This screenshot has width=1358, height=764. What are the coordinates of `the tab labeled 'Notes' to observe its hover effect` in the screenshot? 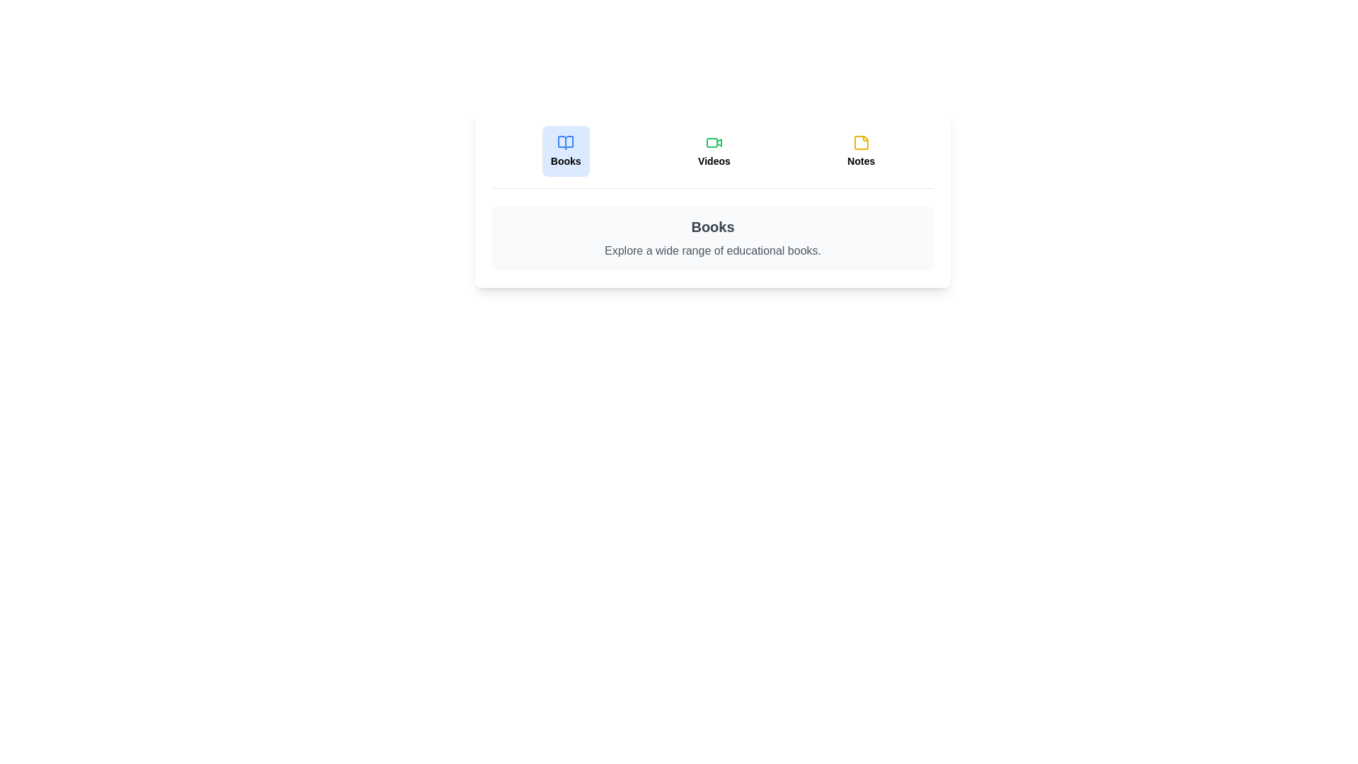 It's located at (861, 151).